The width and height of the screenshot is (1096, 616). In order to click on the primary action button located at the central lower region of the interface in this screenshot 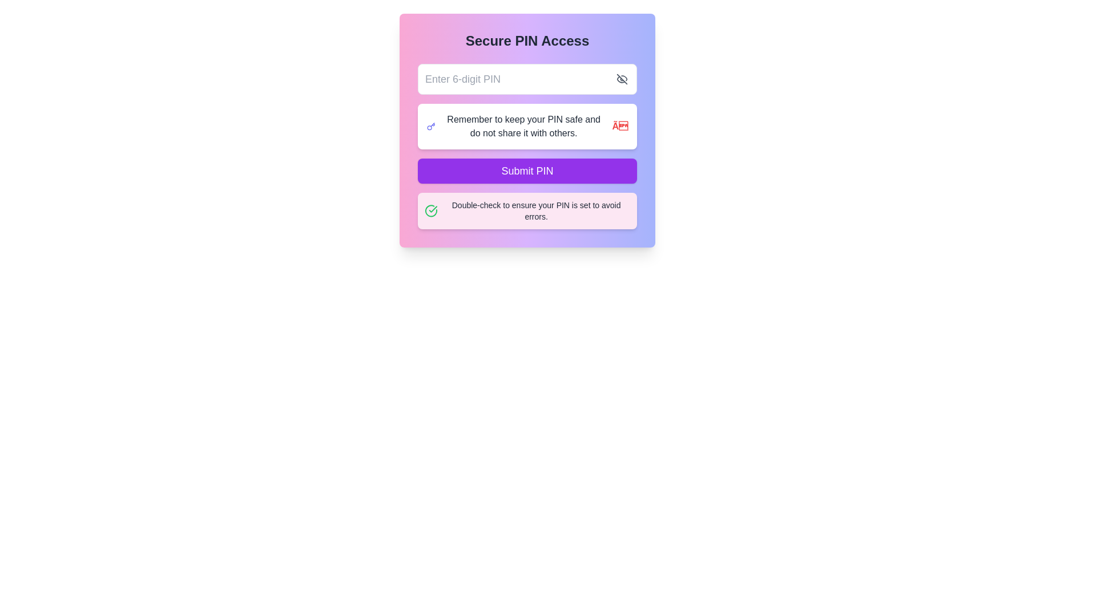, I will do `click(527, 171)`.